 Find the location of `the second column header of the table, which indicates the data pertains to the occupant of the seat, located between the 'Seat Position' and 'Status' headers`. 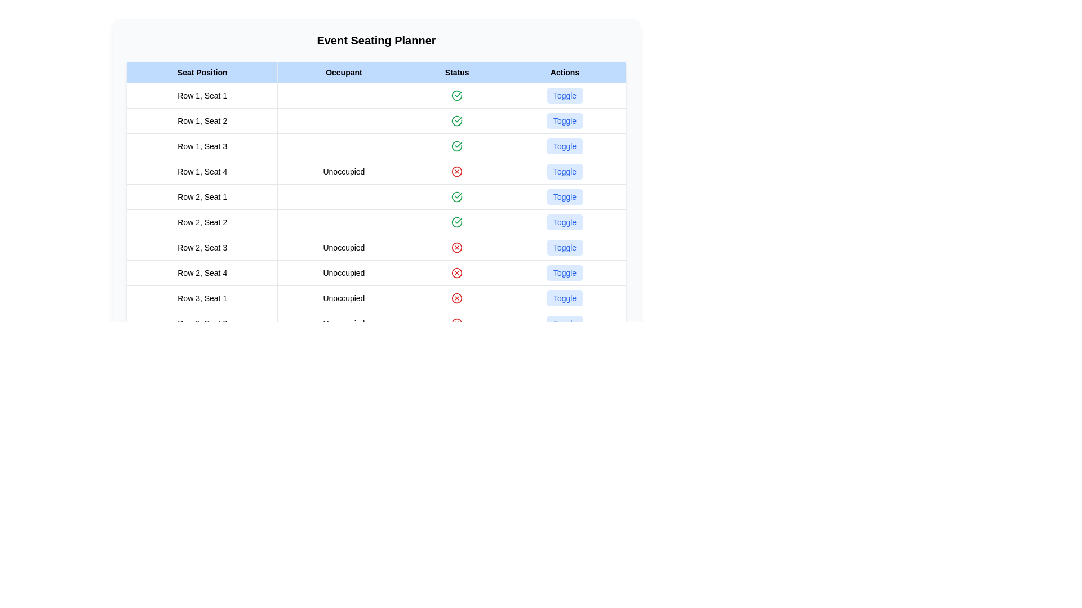

the second column header of the table, which indicates the data pertains to the occupant of the seat, located between the 'Seat Position' and 'Status' headers is located at coordinates (343, 72).